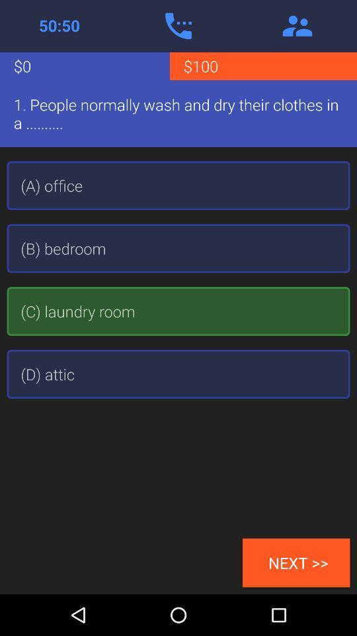 Image resolution: width=357 pixels, height=636 pixels. What do you see at coordinates (59, 25) in the screenshot?
I see `active call time` at bounding box center [59, 25].